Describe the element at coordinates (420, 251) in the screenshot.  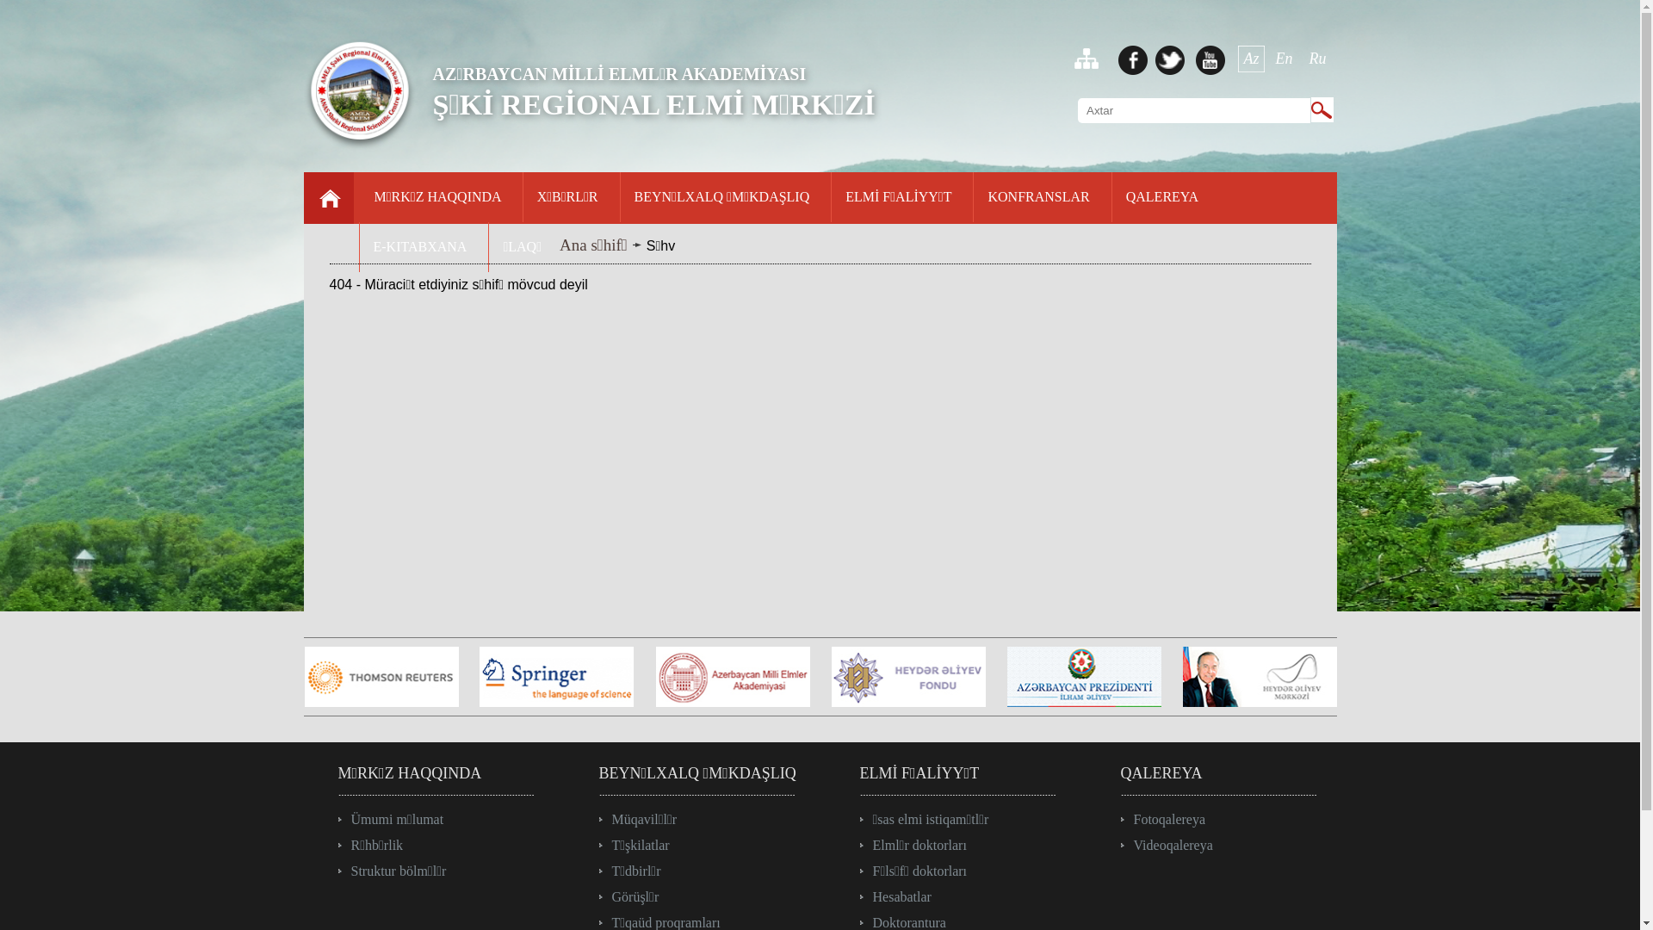
I see `'E-KITABXANA'` at that location.